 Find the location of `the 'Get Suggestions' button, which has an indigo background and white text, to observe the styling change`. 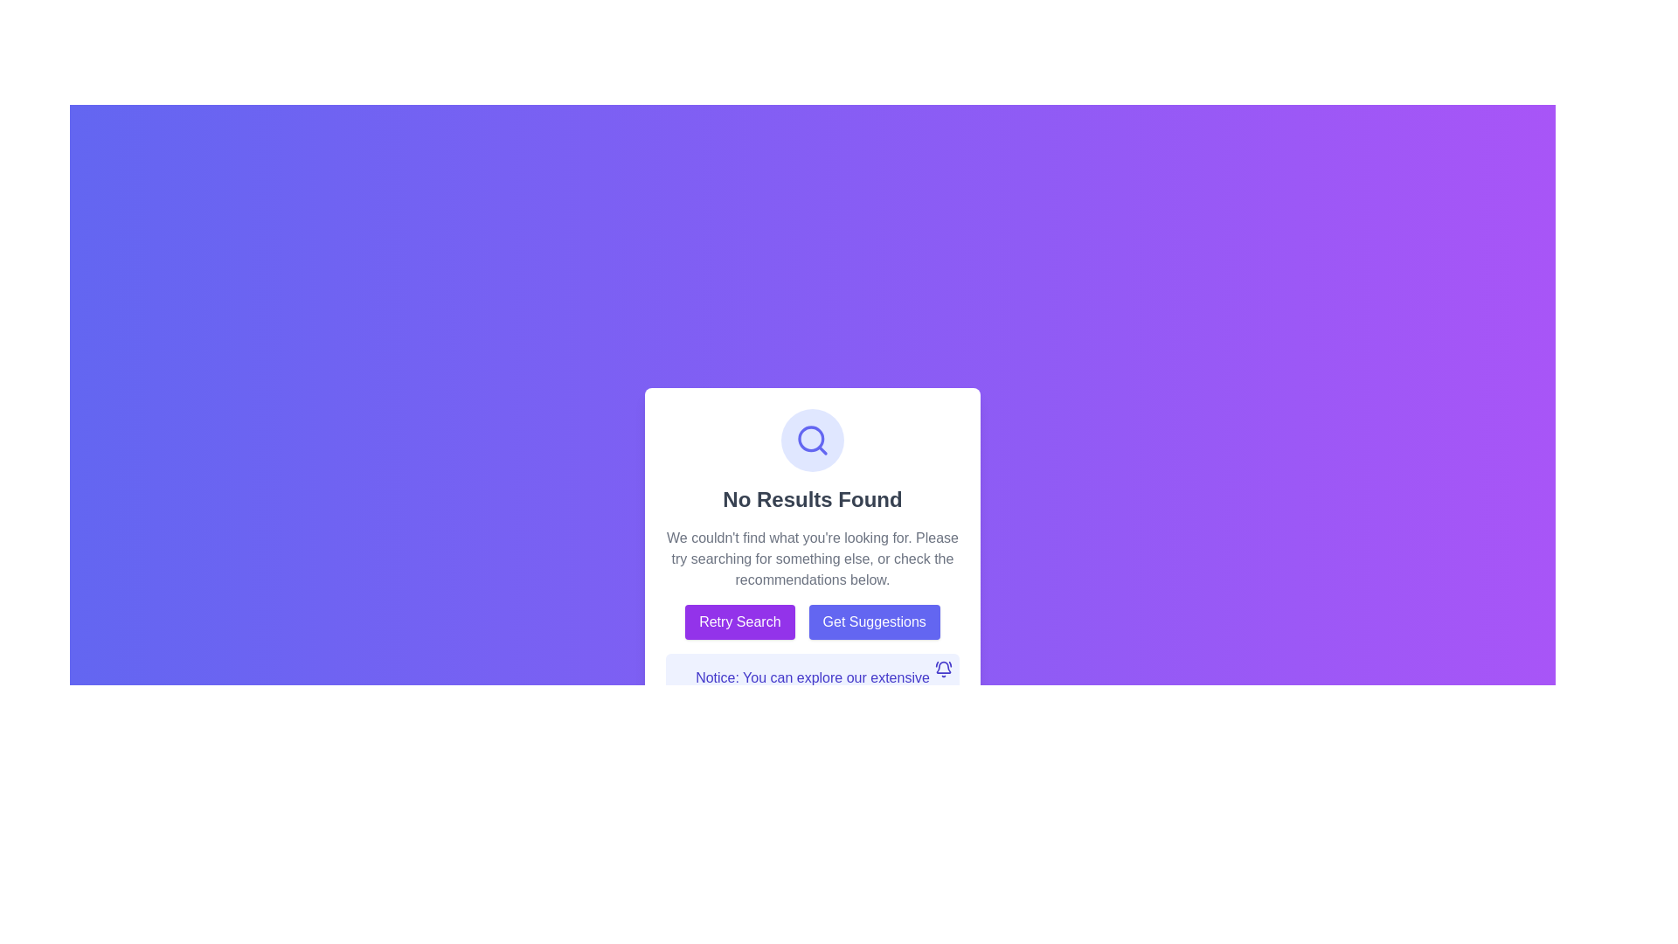

the 'Get Suggestions' button, which has an indigo background and white text, to observe the styling change is located at coordinates (874, 621).